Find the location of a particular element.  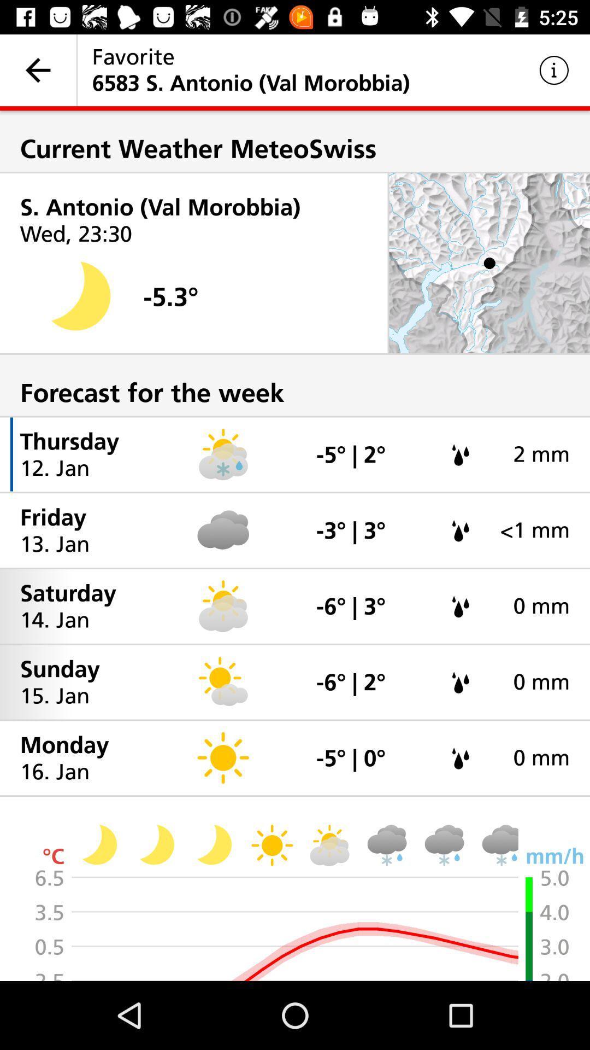

the icon to the left of the favorite item is located at coordinates (37, 69).